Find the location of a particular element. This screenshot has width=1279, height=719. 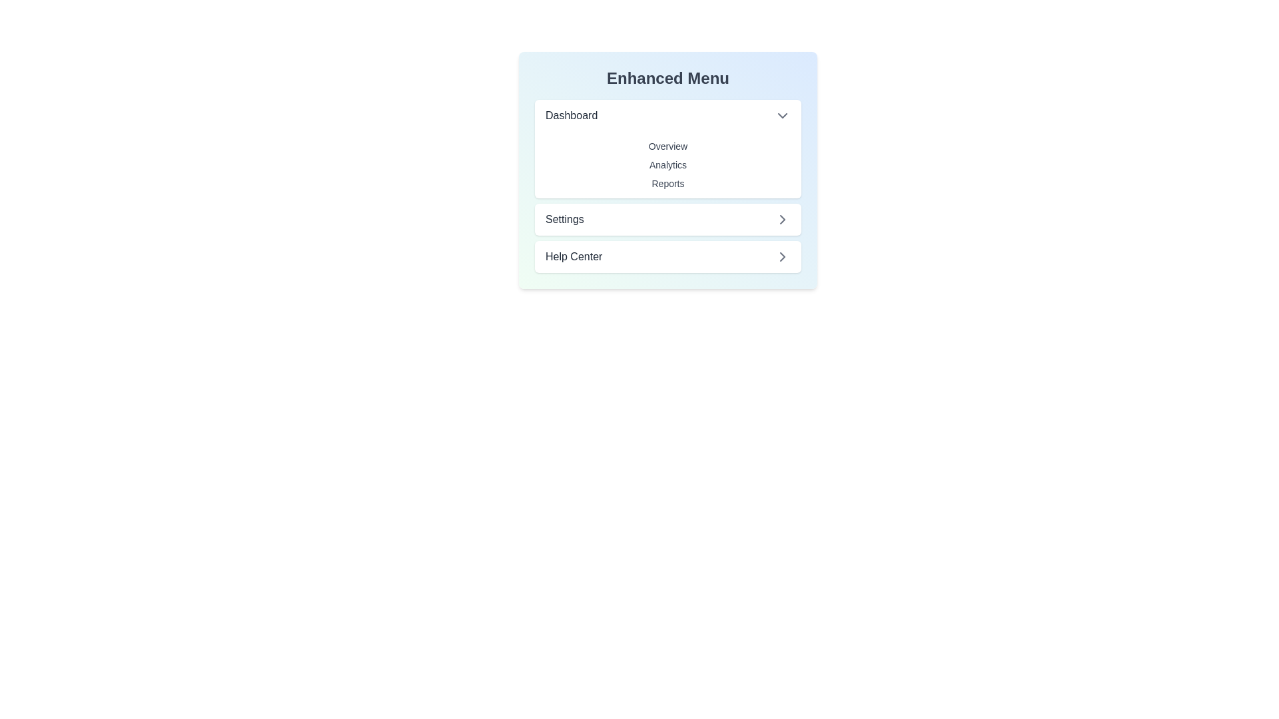

the chevron arrow icon located to the far right of the 'Settings' label to trigger additional interaction options is located at coordinates (783, 219).